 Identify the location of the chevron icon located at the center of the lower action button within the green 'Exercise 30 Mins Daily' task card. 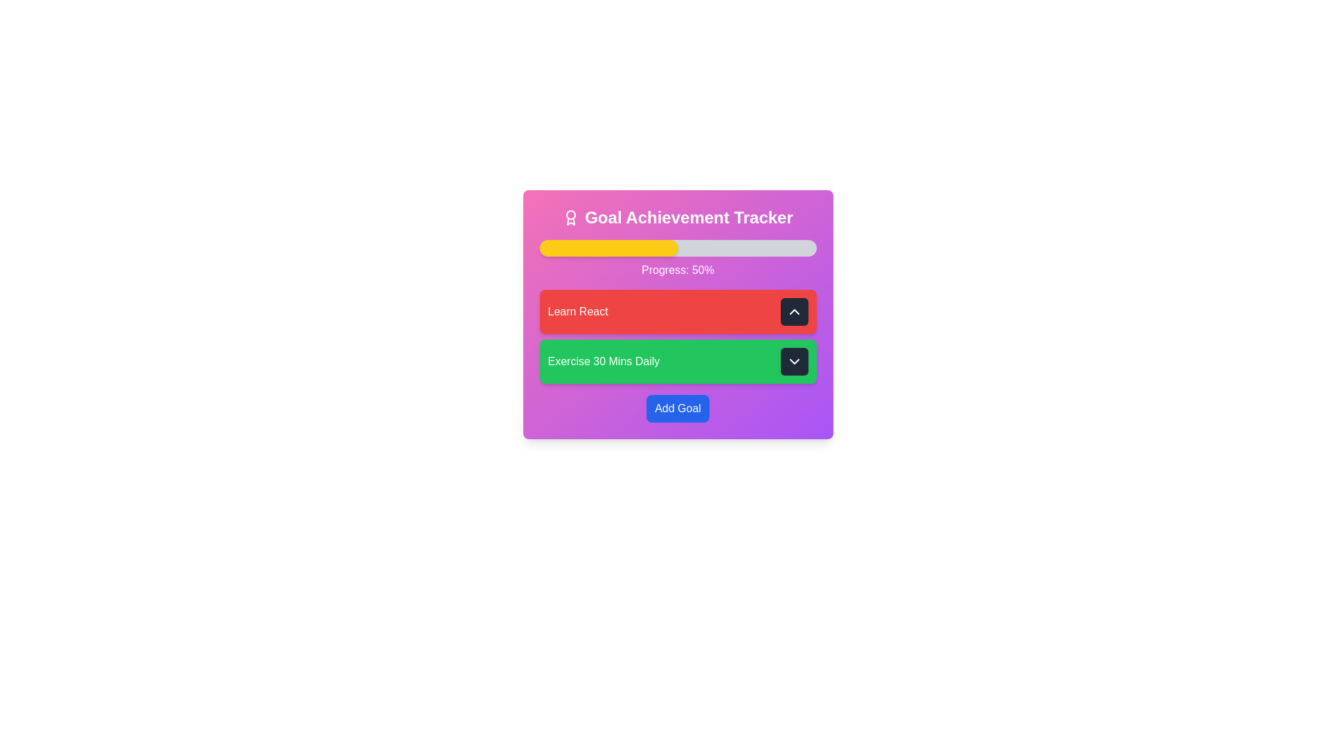
(794, 361).